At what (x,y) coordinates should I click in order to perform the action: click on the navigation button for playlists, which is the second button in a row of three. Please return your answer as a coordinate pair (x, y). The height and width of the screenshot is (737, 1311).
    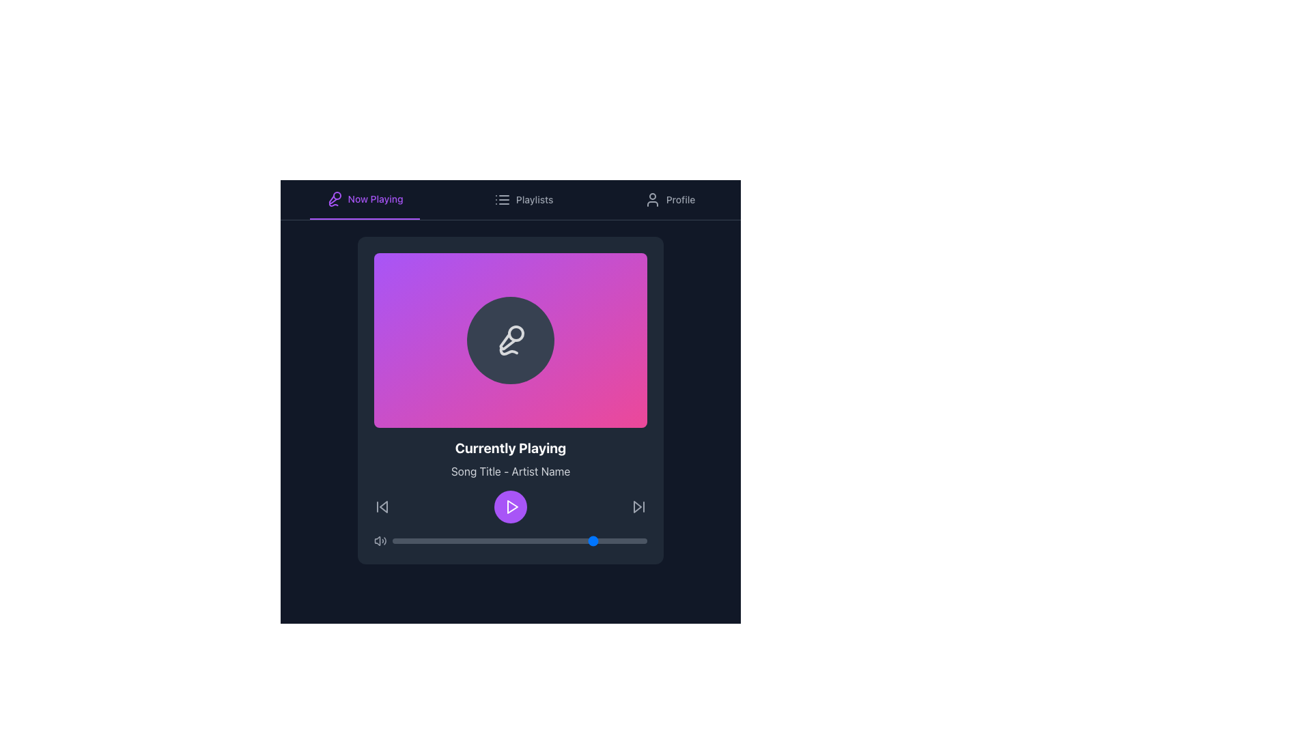
    Looking at the image, I should click on (510, 200).